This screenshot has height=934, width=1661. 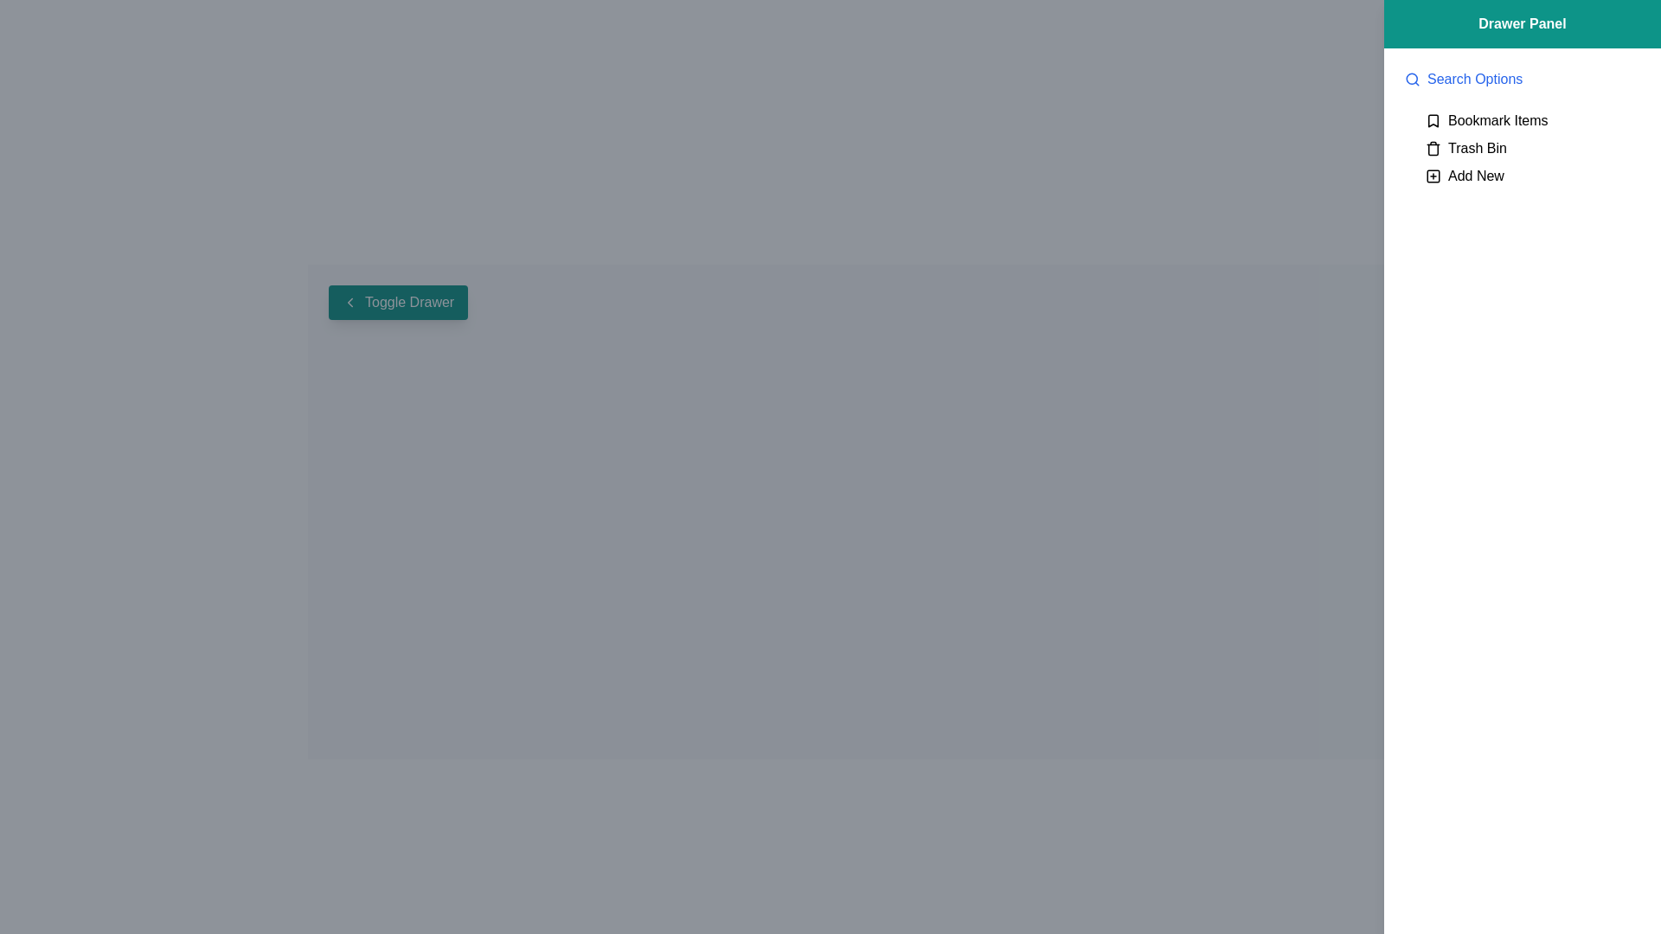 What do you see at coordinates (1475, 176) in the screenshot?
I see `the 'Add New' text label, which is styled in black font and positioned at the bottom of the right-hand panel, aligned with a plus sign icon to its left` at bounding box center [1475, 176].